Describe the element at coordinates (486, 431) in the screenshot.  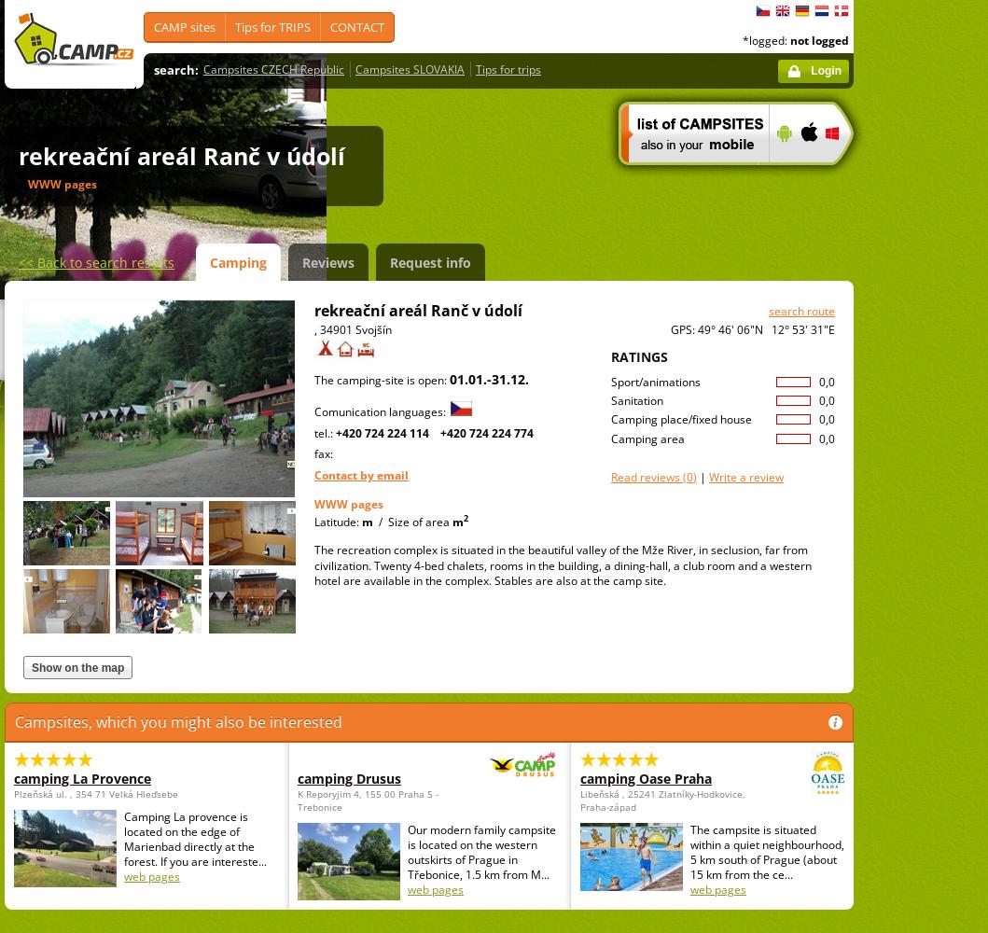
I see `'+420 724 224 774'` at that location.